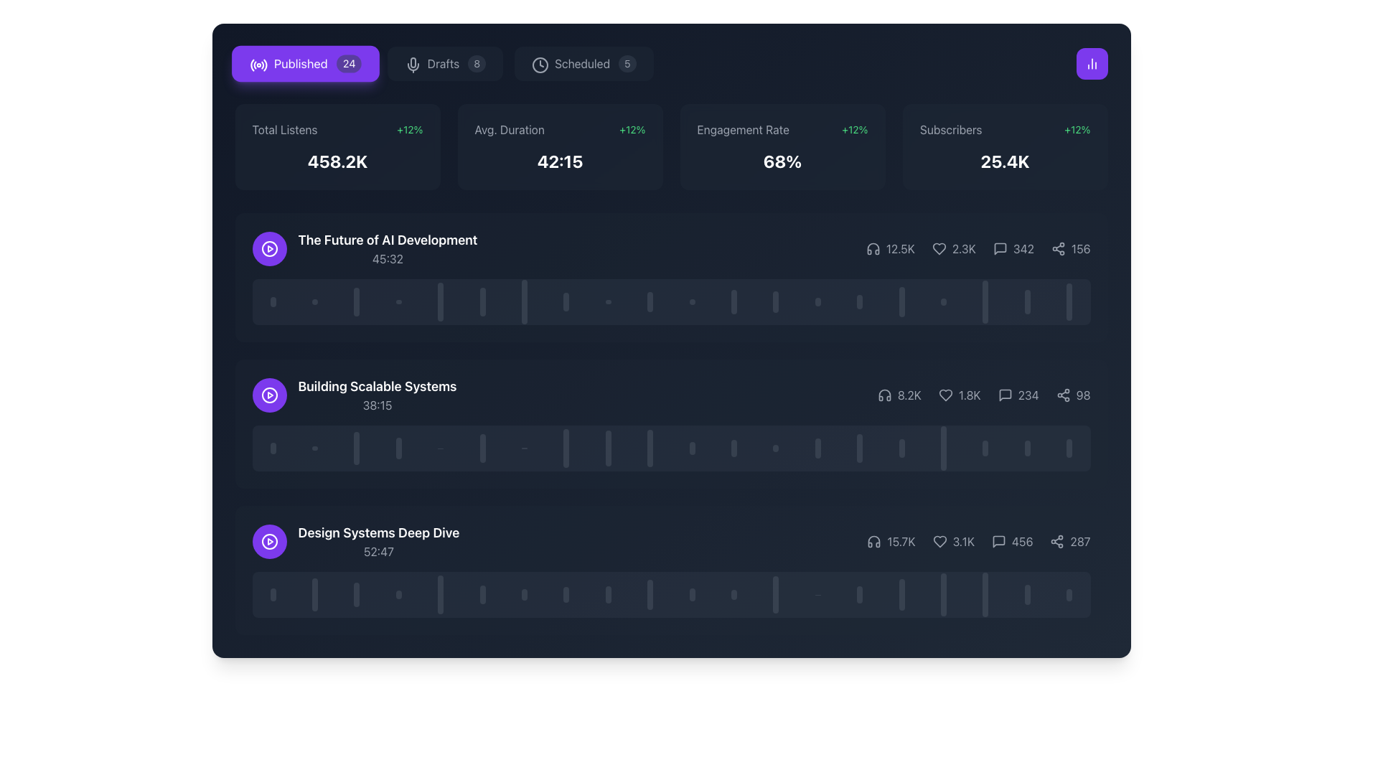  What do you see at coordinates (985, 447) in the screenshot?
I see `the 18th vertical bar in a sequenced layout of bars, which serves as a graphical indicator of state or value` at bounding box center [985, 447].